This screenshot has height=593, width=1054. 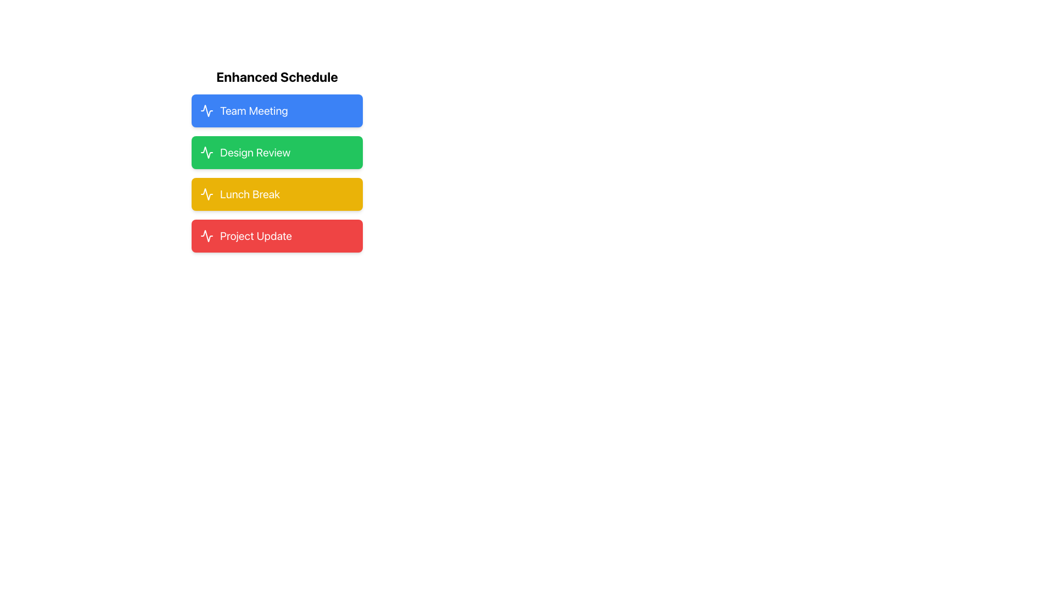 What do you see at coordinates (277, 160) in the screenshot?
I see `the 'Design Review' card located in the 'Enhanced Schedule' section` at bounding box center [277, 160].